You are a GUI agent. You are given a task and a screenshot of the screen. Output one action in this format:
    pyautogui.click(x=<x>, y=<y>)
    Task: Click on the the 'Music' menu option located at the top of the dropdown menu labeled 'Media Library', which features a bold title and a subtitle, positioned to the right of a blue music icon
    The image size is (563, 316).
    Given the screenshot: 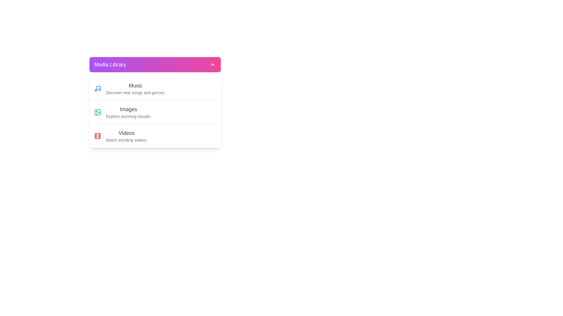 What is the action you would take?
    pyautogui.click(x=135, y=89)
    